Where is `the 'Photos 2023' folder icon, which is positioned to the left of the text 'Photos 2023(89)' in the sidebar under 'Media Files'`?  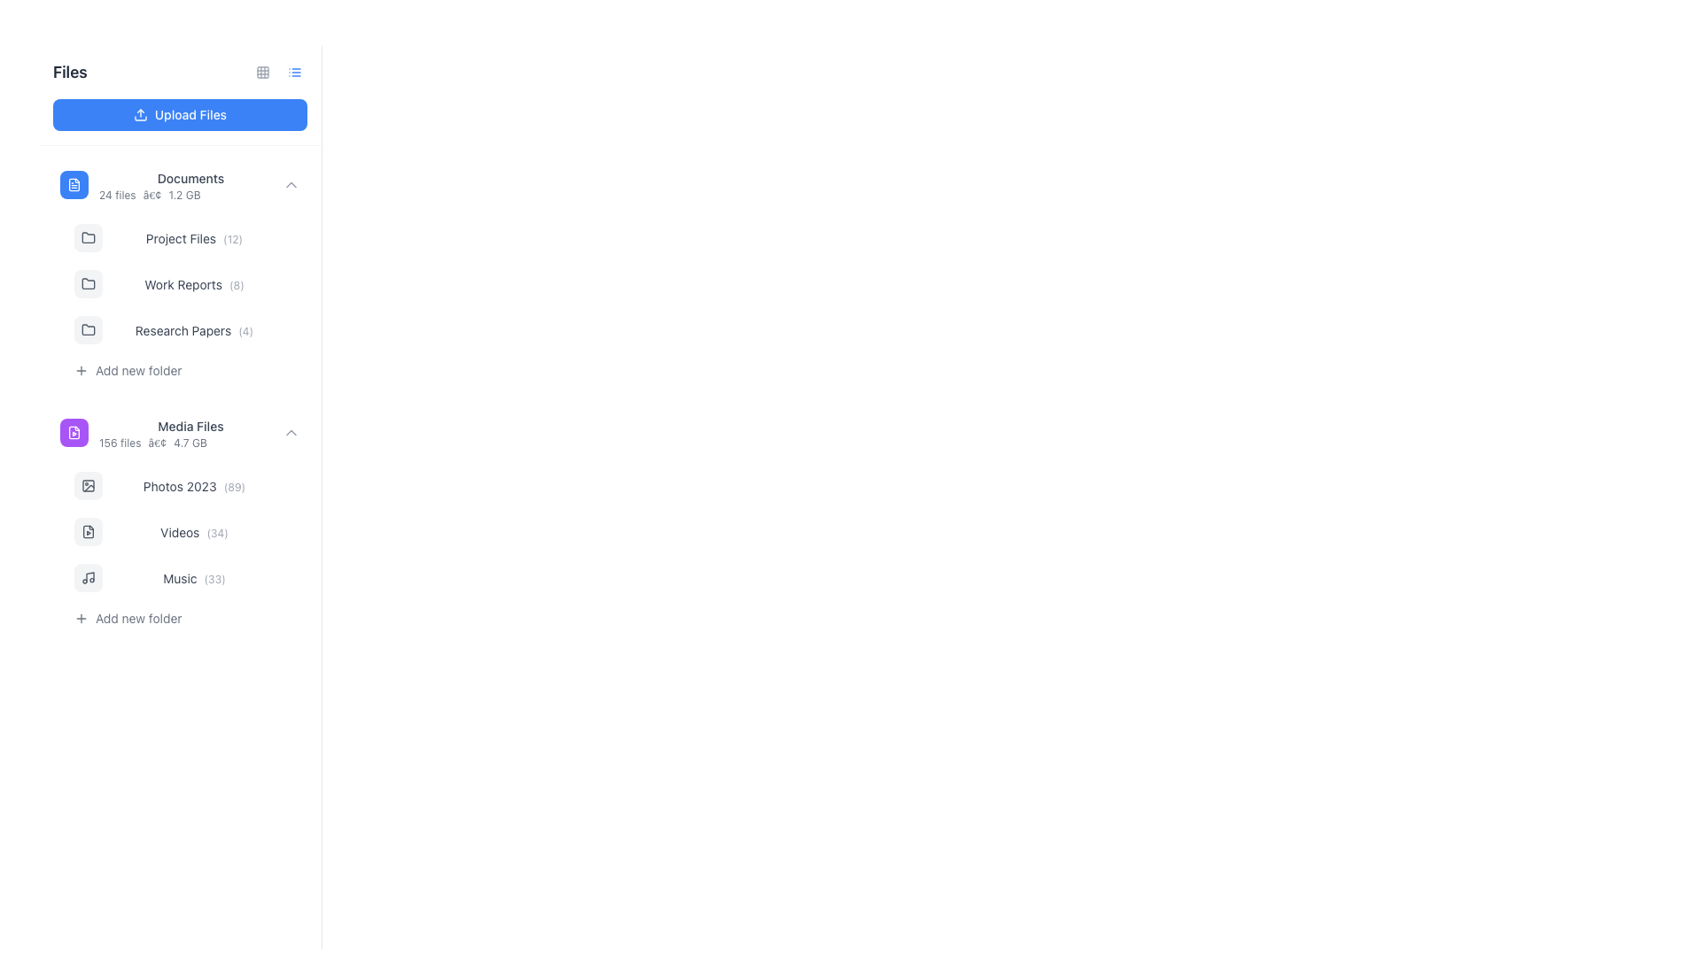 the 'Photos 2023' folder icon, which is positioned to the left of the text 'Photos 2023(89)' in the sidebar under 'Media Files' is located at coordinates (88, 485).